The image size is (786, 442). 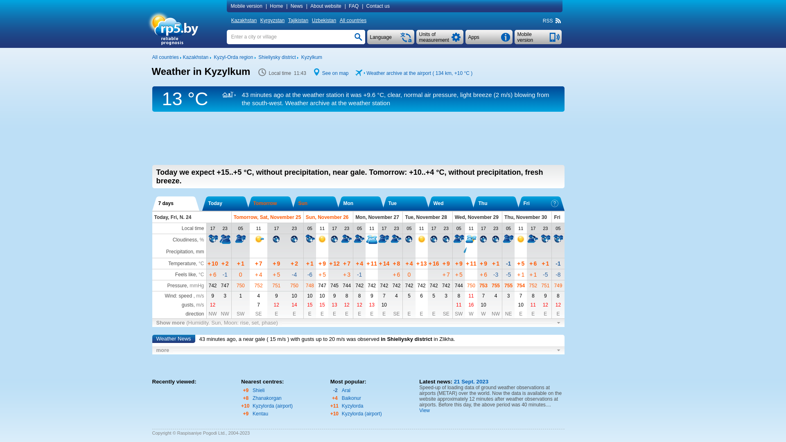 I want to click on 'Zhanakorgan', so click(x=267, y=397).